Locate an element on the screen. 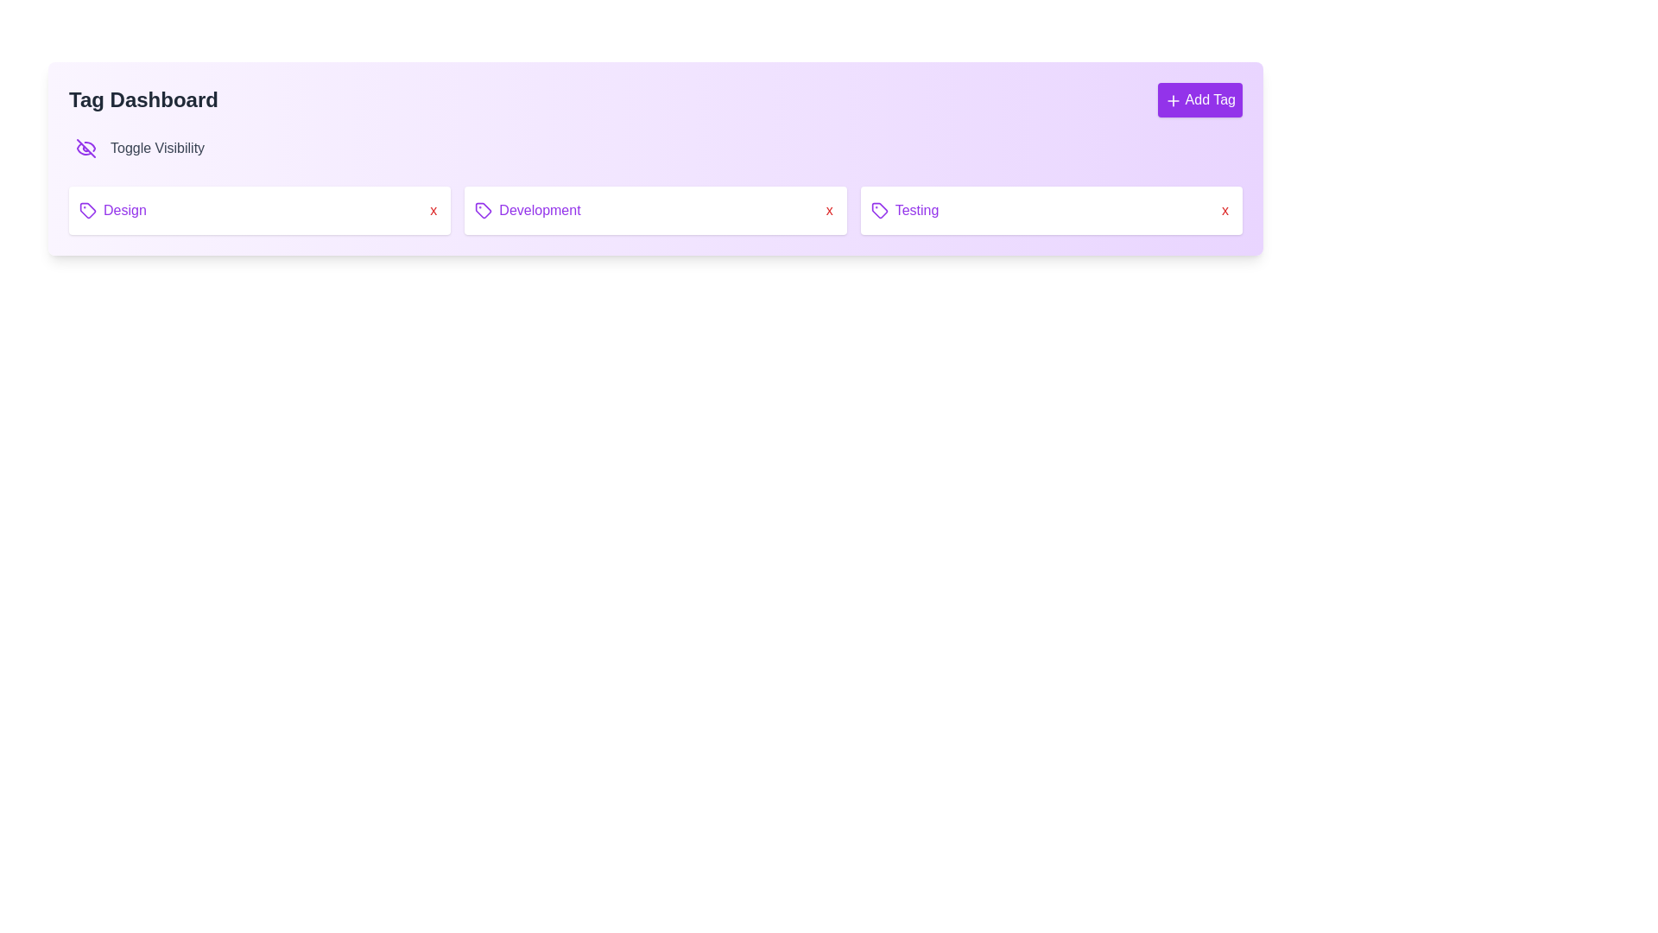  the small red 'x' button located at the far-right side of the 'Testing' tag section is located at coordinates (1225, 209).